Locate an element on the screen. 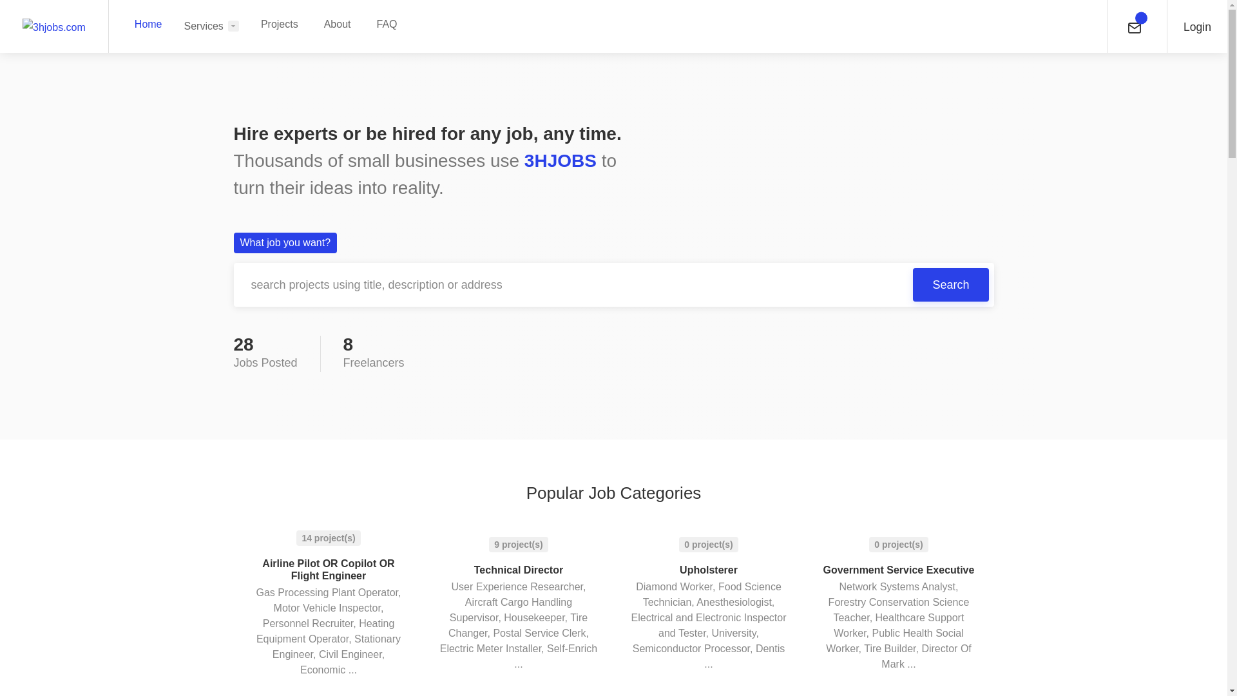 The height and width of the screenshot is (696, 1237). 'FAQ' is located at coordinates (386, 24).